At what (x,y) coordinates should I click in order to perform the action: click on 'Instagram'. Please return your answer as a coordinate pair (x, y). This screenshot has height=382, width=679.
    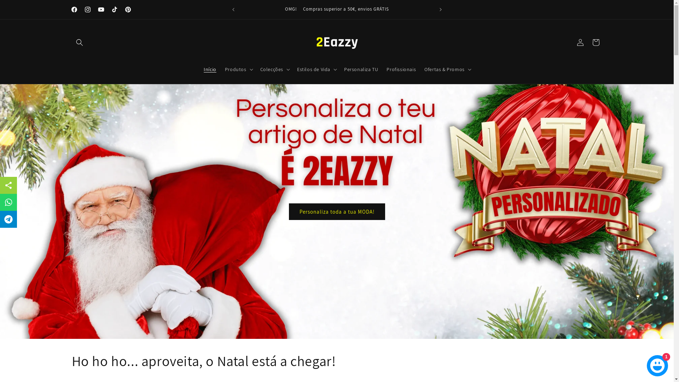
    Looking at the image, I should click on (87, 10).